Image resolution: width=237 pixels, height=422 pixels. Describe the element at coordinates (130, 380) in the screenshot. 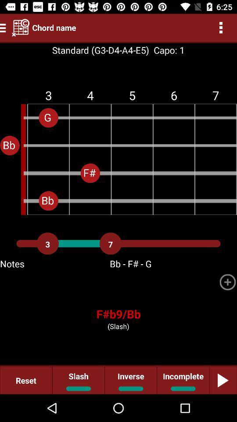

I see `the item to the left of incomplete item` at that location.